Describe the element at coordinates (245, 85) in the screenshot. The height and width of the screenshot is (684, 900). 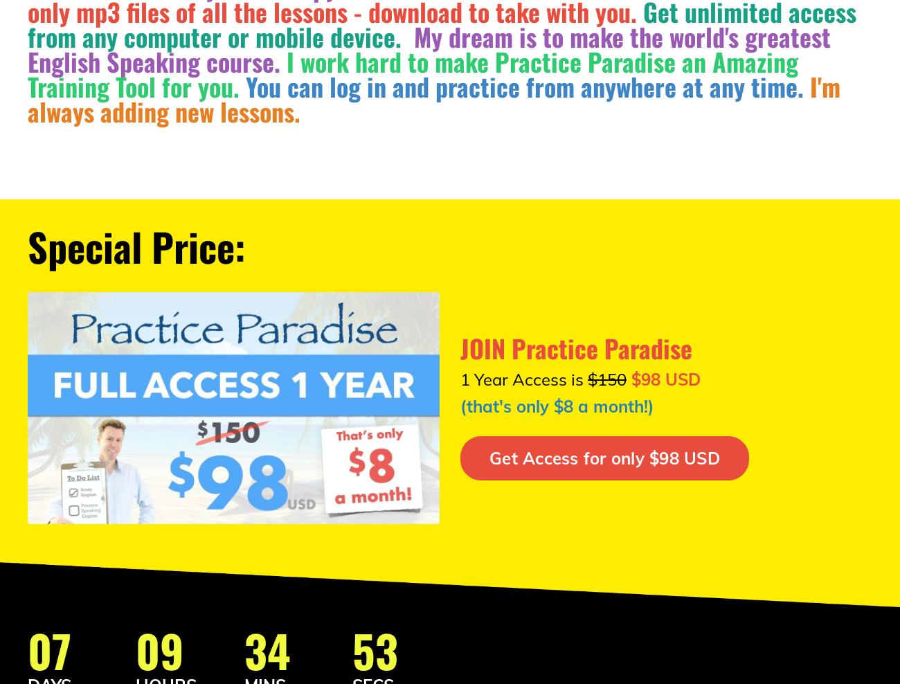
I see `'You can log in and practice from anywhere at any time.'` at that location.